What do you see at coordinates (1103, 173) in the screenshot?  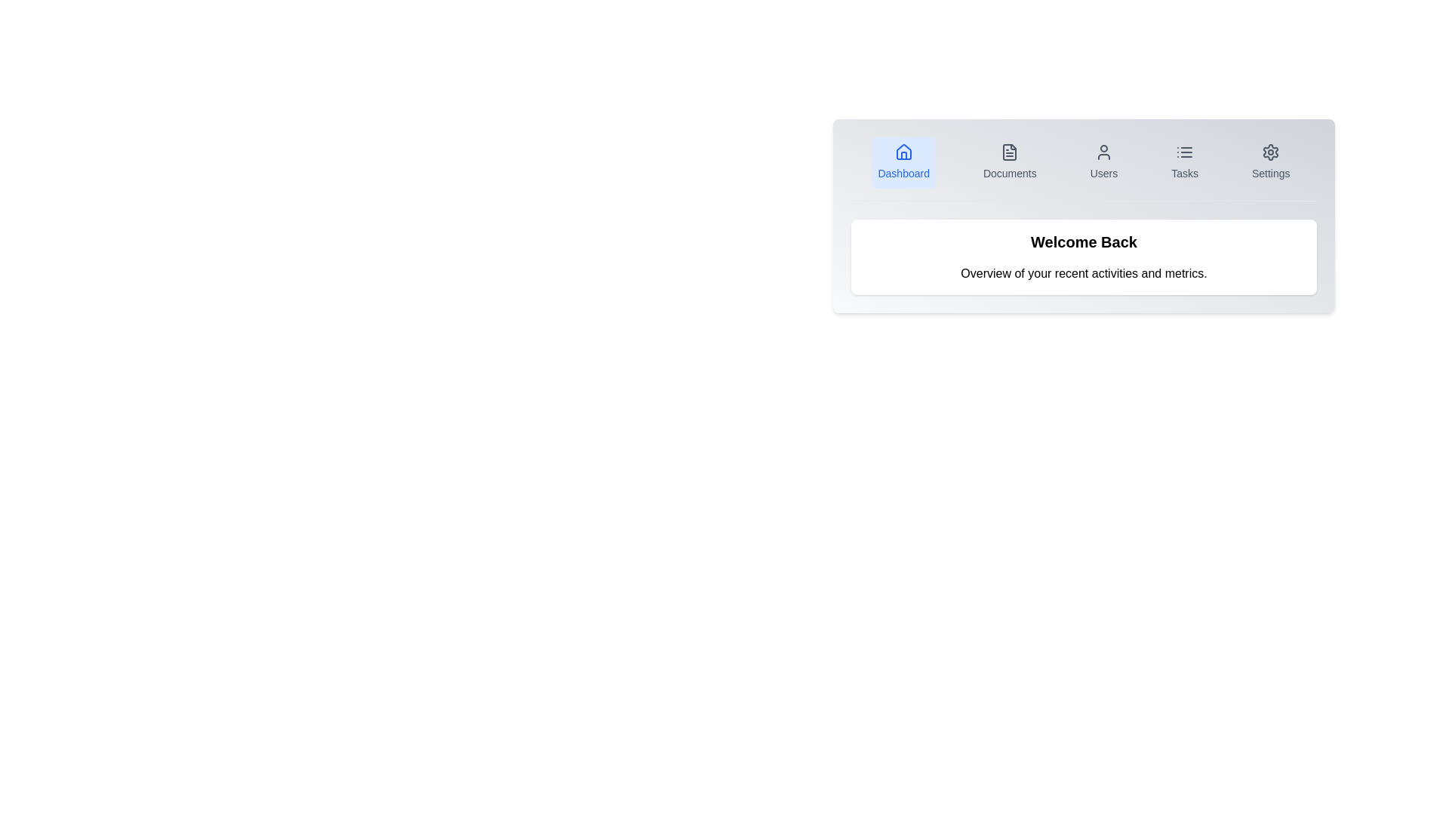 I see `the 'Users' text label located in the third navigation option of the horizontal navigation bar, which serves as a label for the user management section` at bounding box center [1103, 173].